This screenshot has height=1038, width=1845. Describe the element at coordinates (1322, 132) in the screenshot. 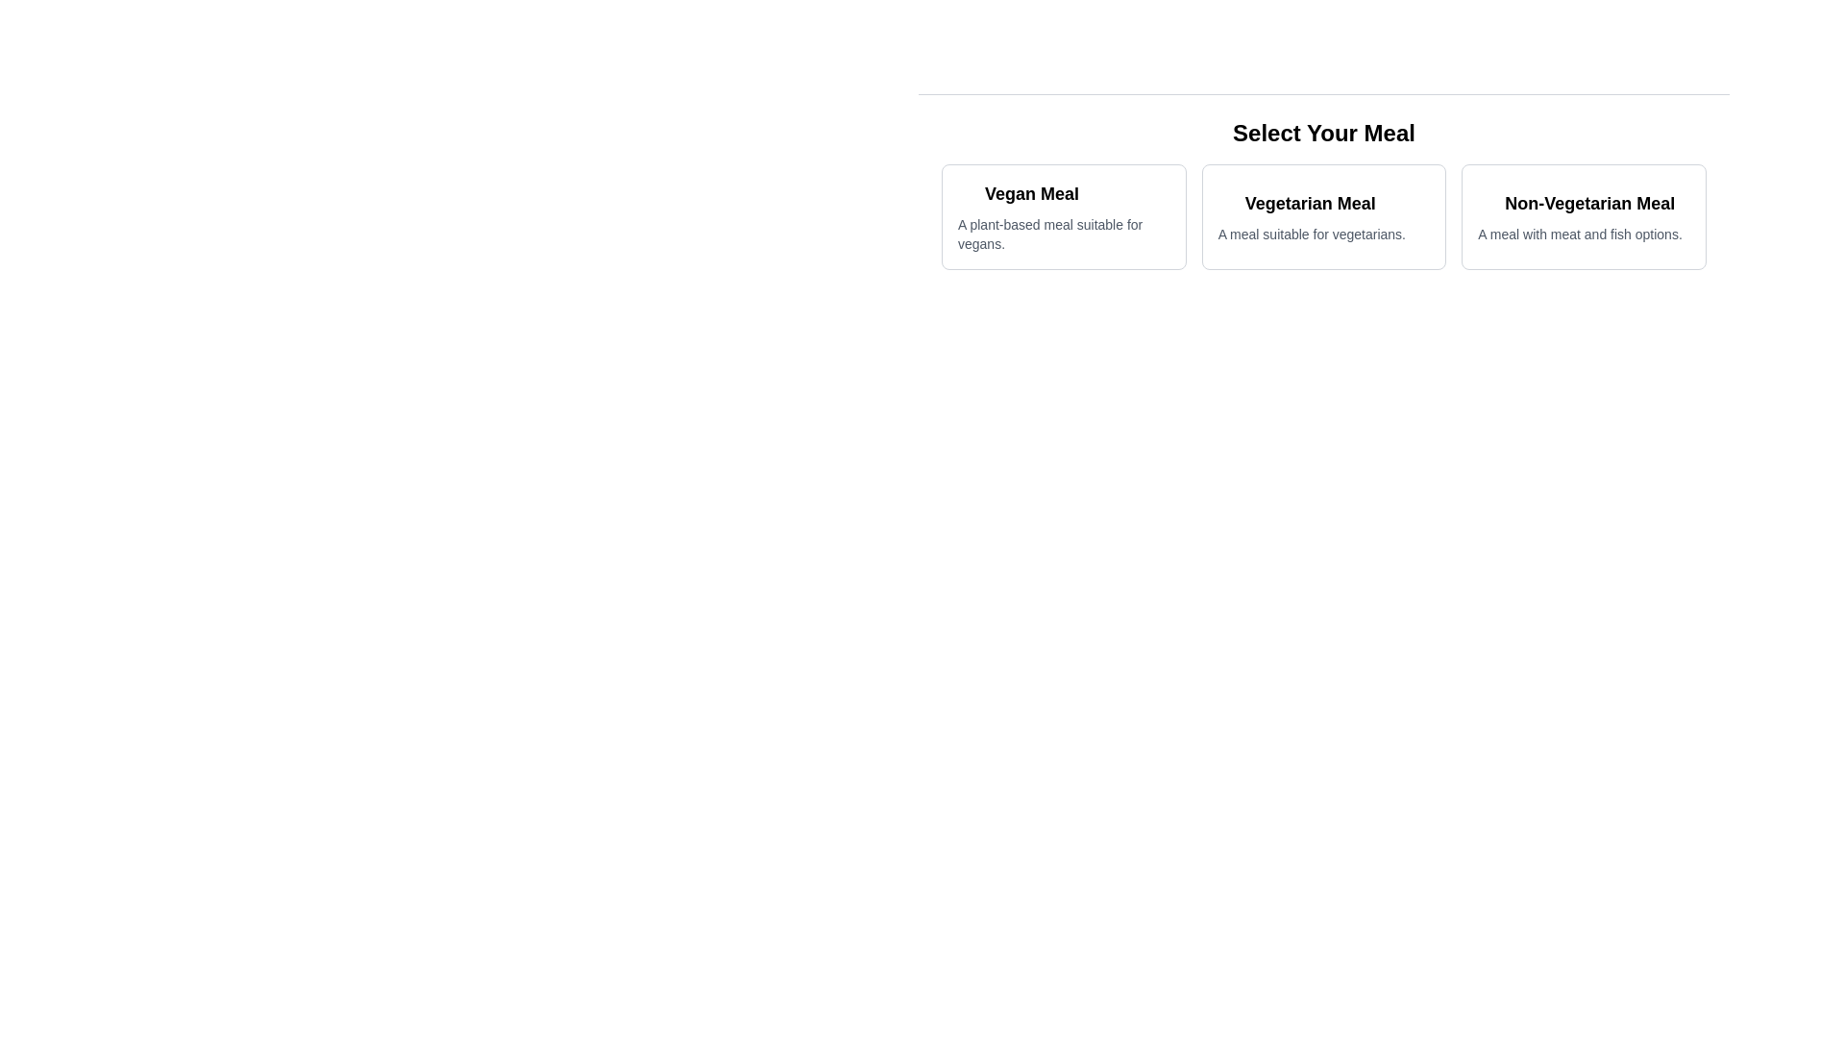

I see `text displayed in the heading element that says 'Select Your Meal', which is a large, bold black font heading centered above the menu options` at that location.